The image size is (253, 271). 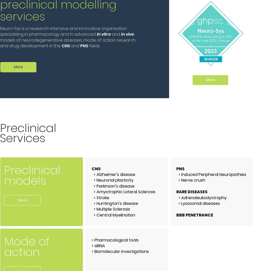 I want to click on '> siRNA', so click(x=98, y=245).